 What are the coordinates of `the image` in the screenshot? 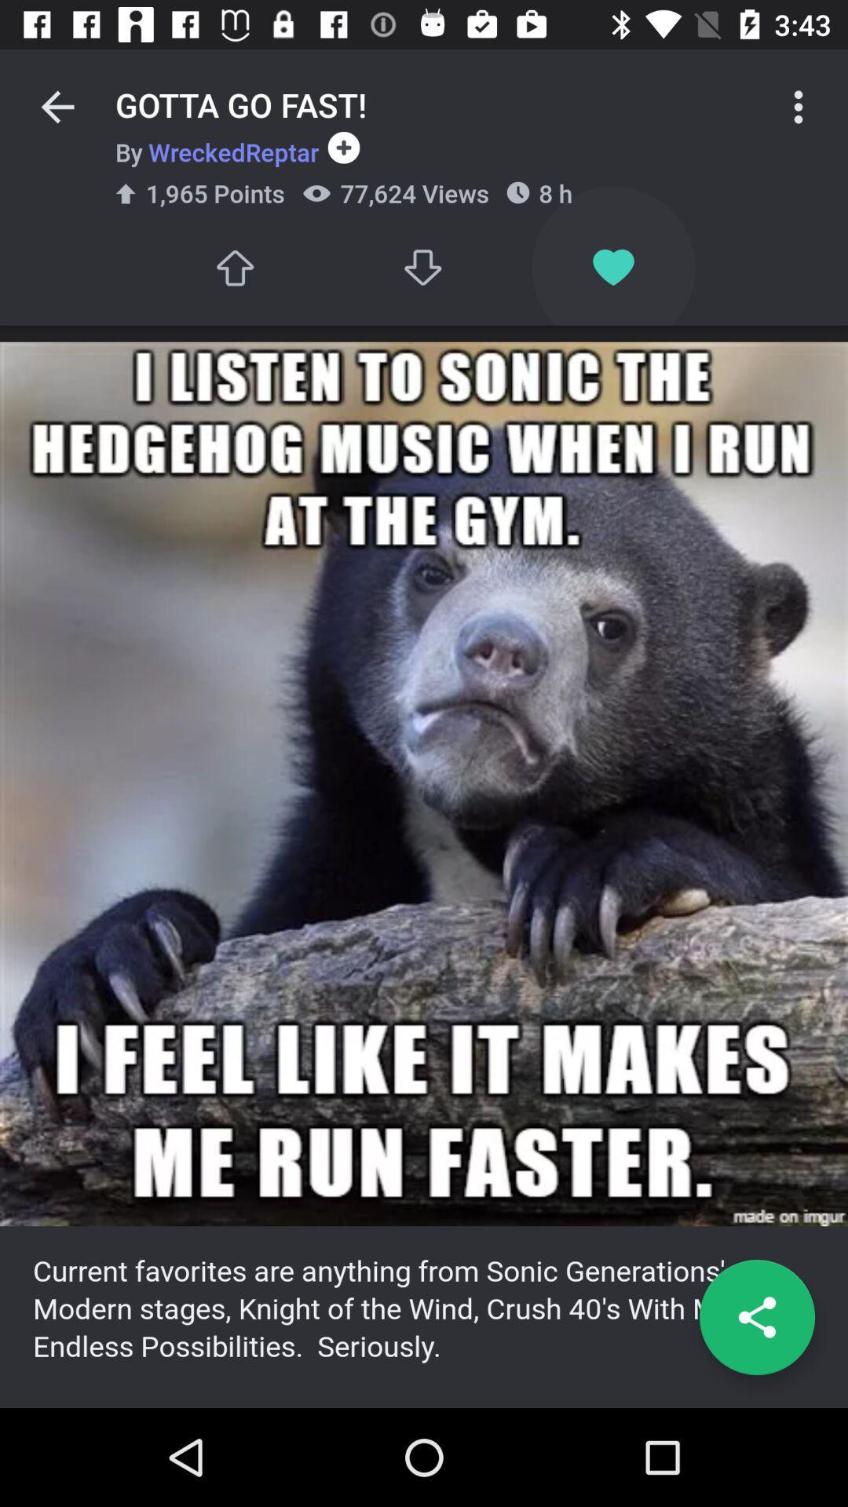 It's located at (612, 268).